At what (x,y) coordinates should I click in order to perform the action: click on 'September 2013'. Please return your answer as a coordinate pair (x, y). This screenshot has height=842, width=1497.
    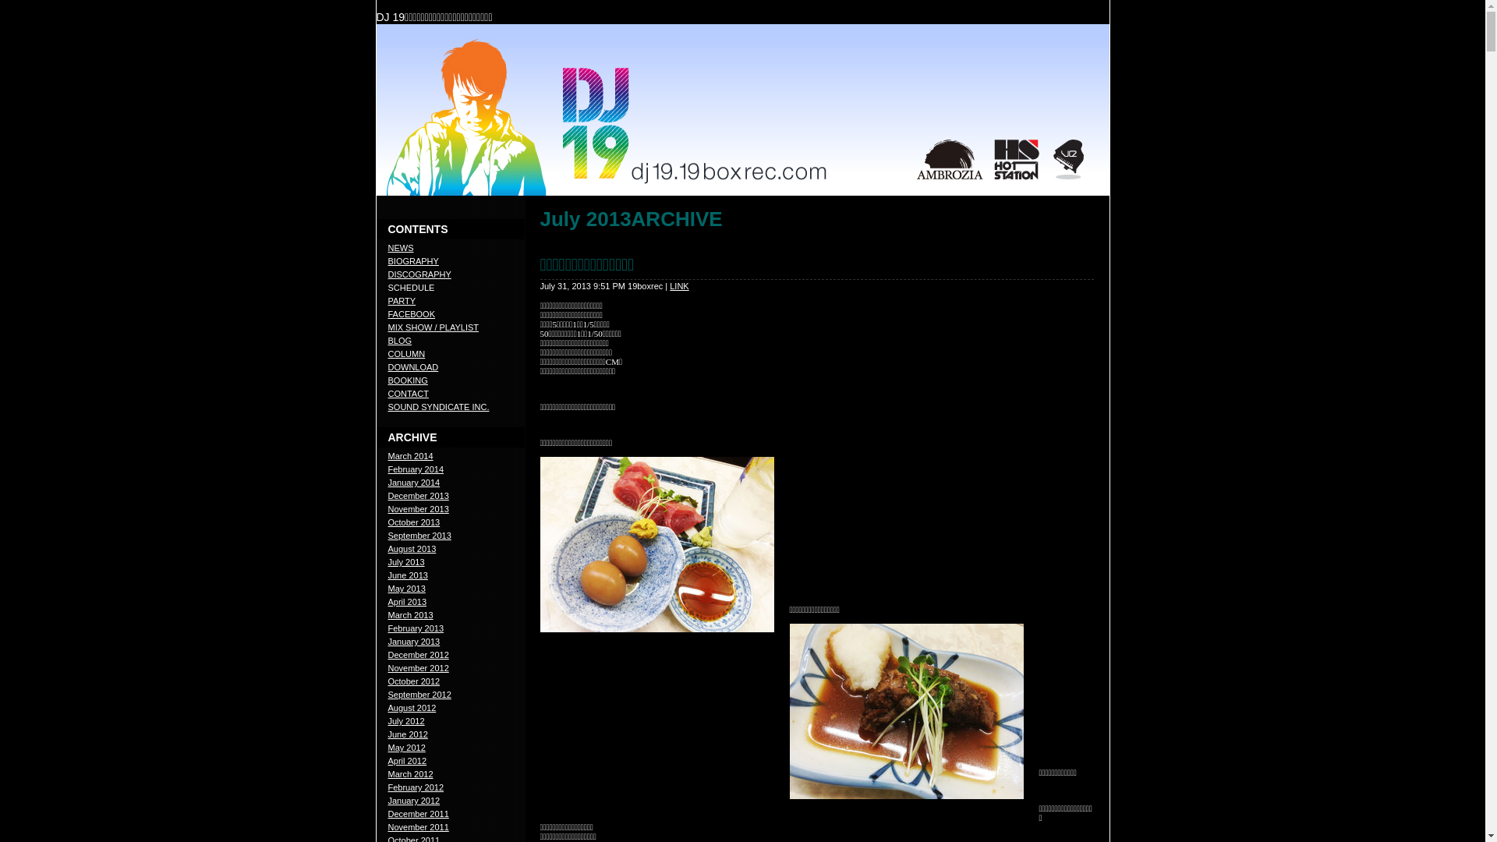
    Looking at the image, I should click on (419, 534).